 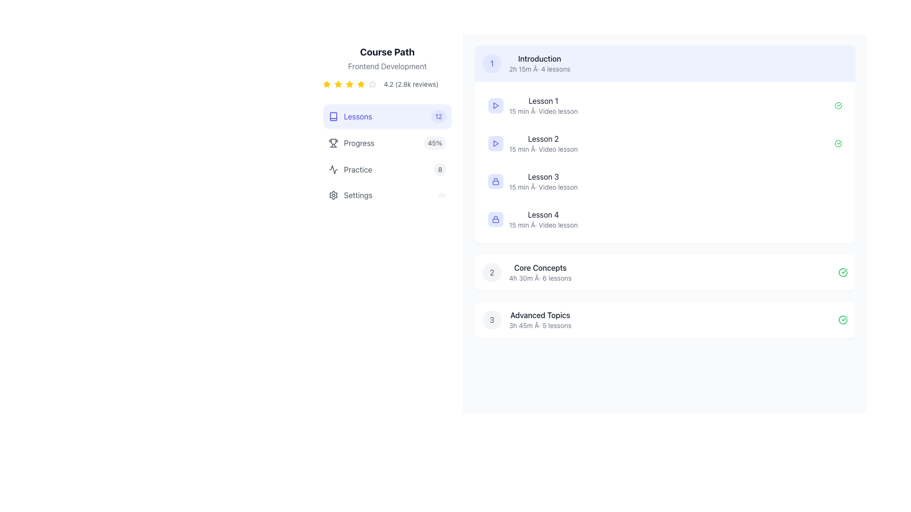 What do you see at coordinates (838, 144) in the screenshot?
I see `the checkmark icon within a circular outline, which is green and indicates a completed status, located on the right side of 'Lesson 2' in the list under the 'Introduction' section` at bounding box center [838, 144].